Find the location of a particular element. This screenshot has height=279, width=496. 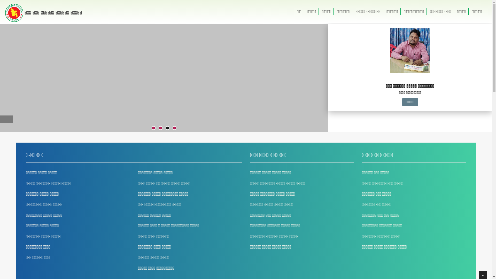

'3' is located at coordinates (167, 128).